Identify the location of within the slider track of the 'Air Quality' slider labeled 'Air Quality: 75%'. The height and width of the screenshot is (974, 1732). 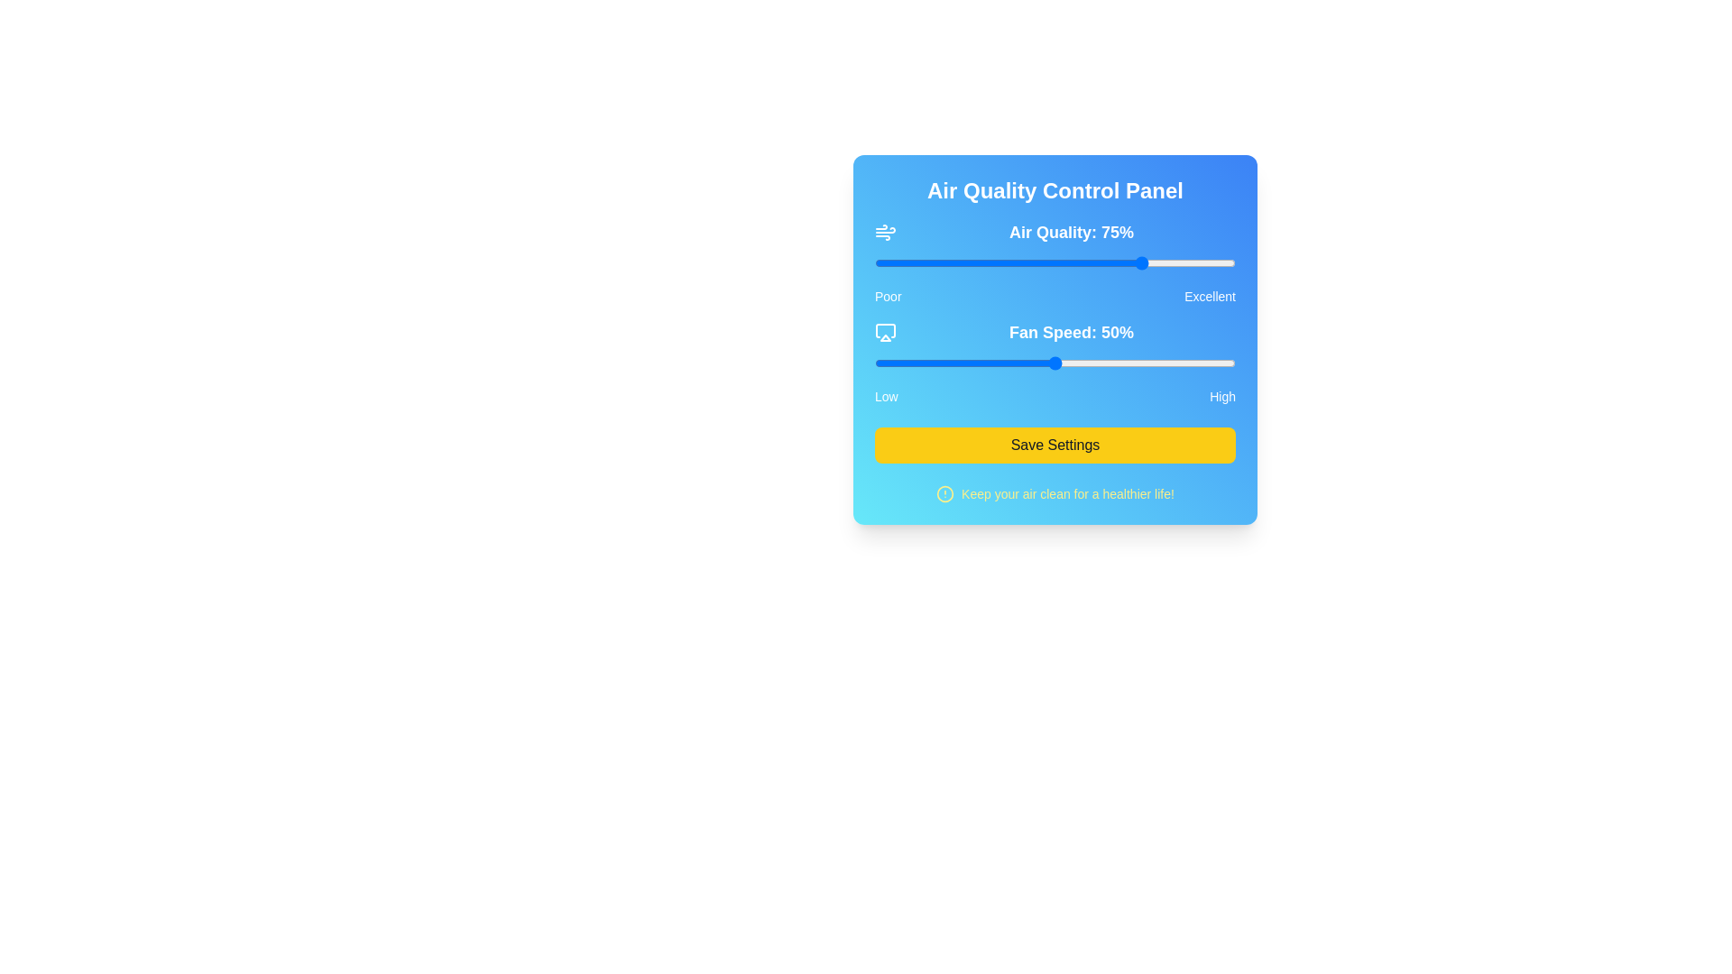
(1055, 312).